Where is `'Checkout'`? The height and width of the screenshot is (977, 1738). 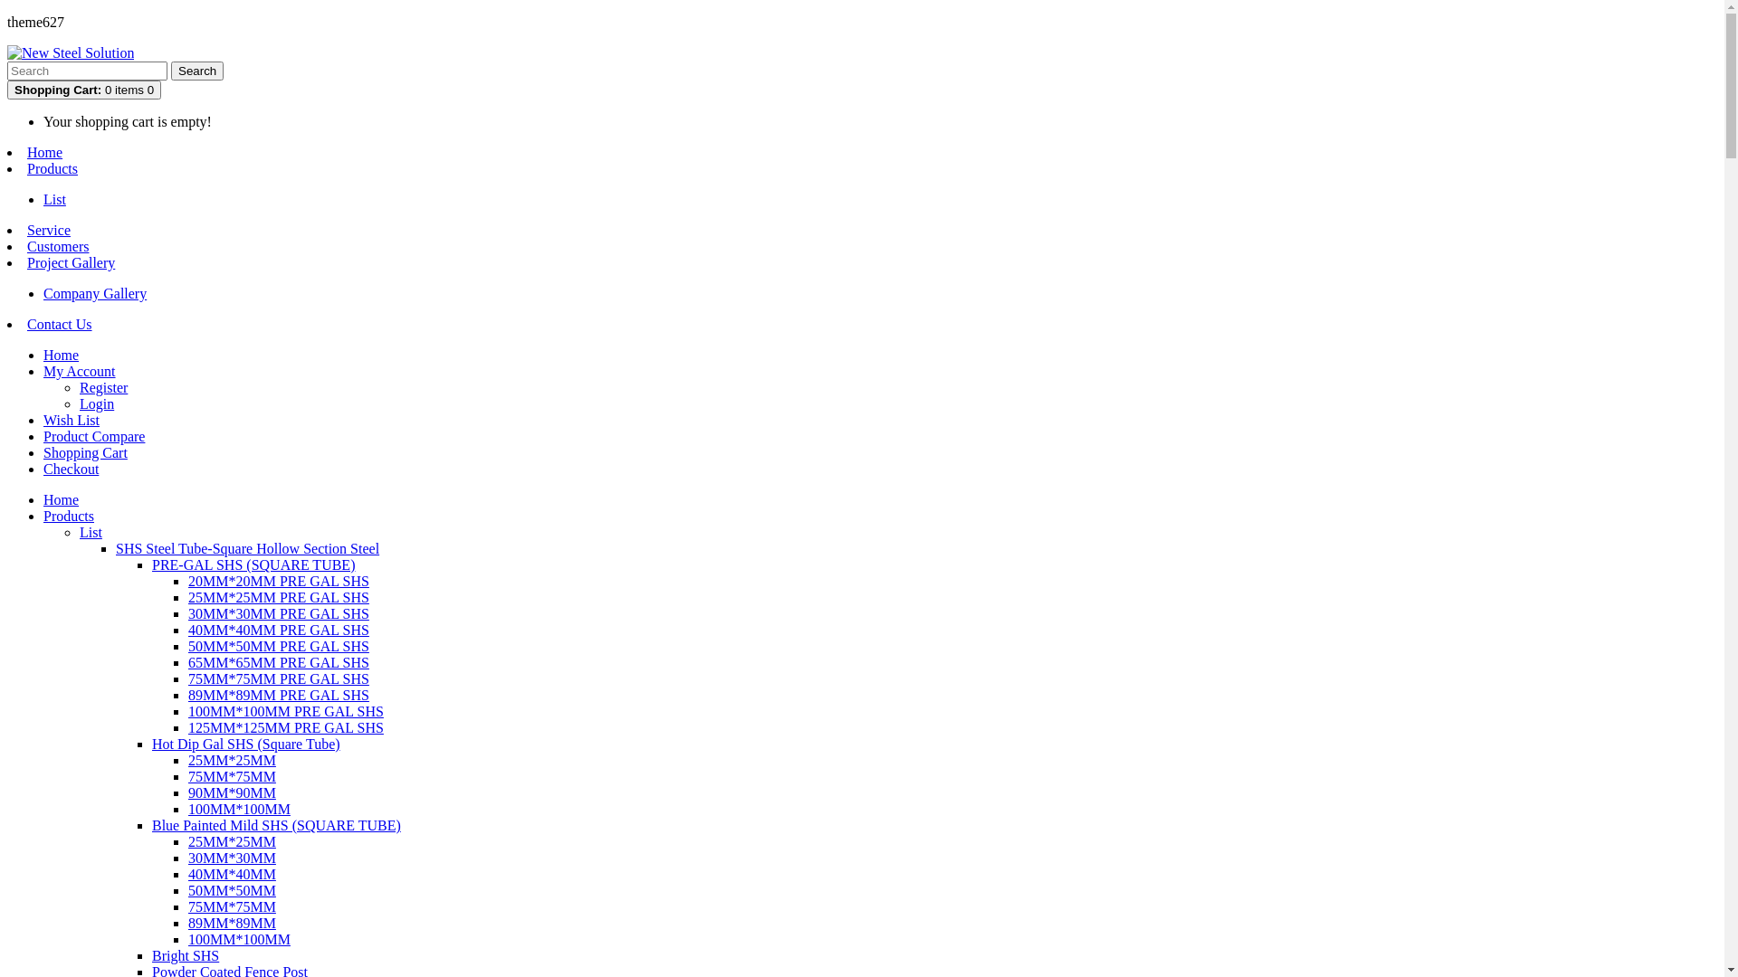
'Checkout' is located at coordinates (71, 468).